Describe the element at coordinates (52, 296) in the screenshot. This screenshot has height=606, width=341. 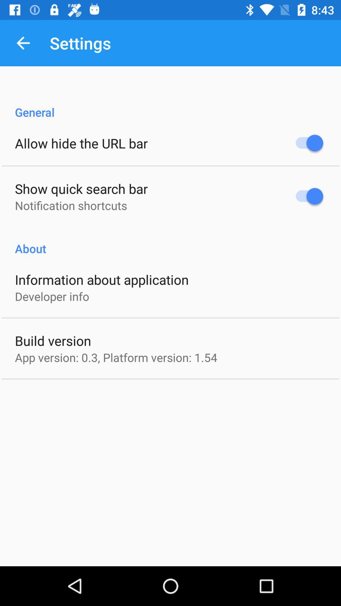
I see `icon below information about application` at that location.